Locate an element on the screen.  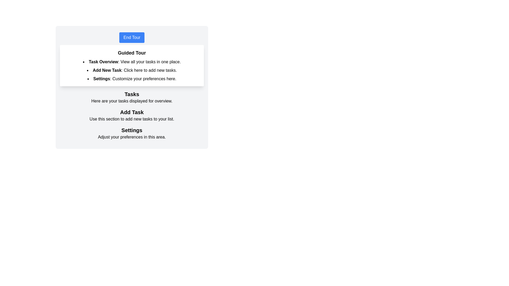
the informational text element that displays the sentence 'Use this section to add new tasks to your list.' which is located below the 'Add Task' header is located at coordinates (132, 119).